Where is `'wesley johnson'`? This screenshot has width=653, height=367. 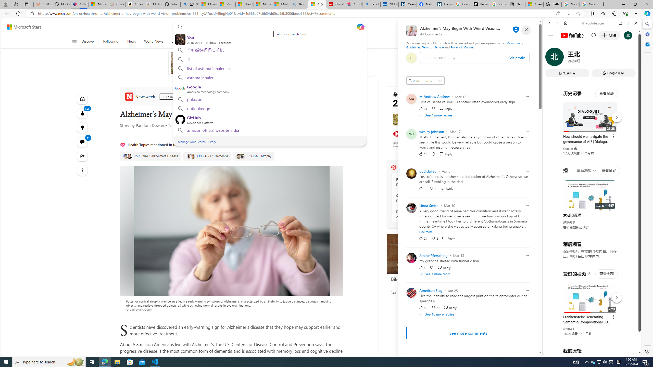
'wesley johnson' is located at coordinates (431, 132).